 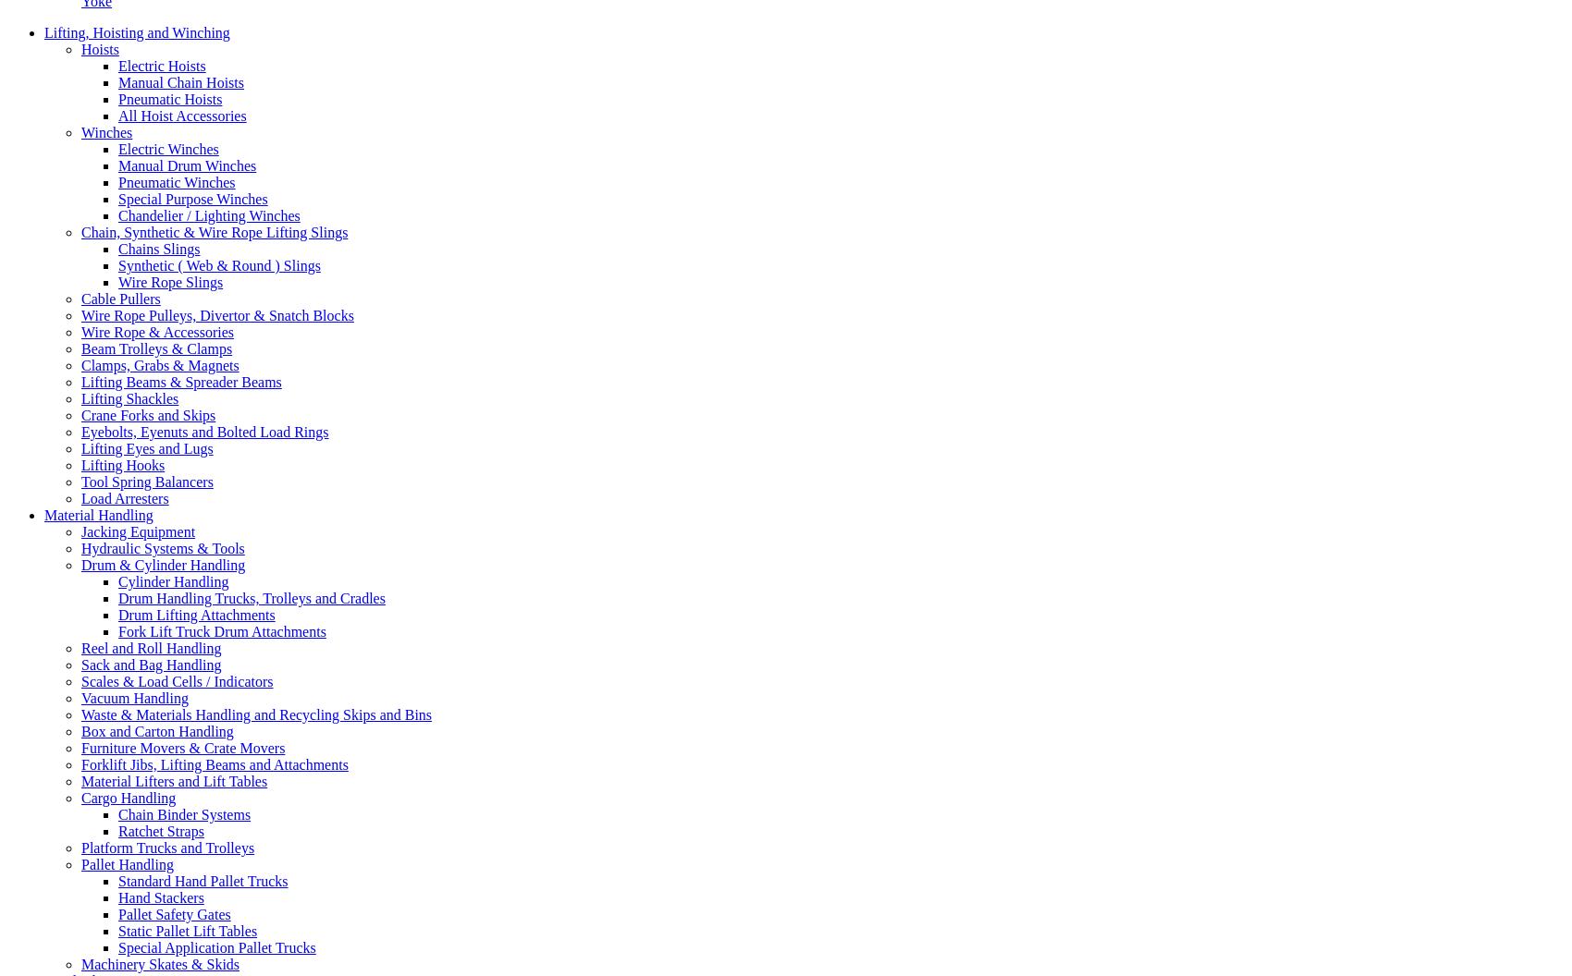 What do you see at coordinates (167, 148) in the screenshot?
I see `'Electric Winches'` at bounding box center [167, 148].